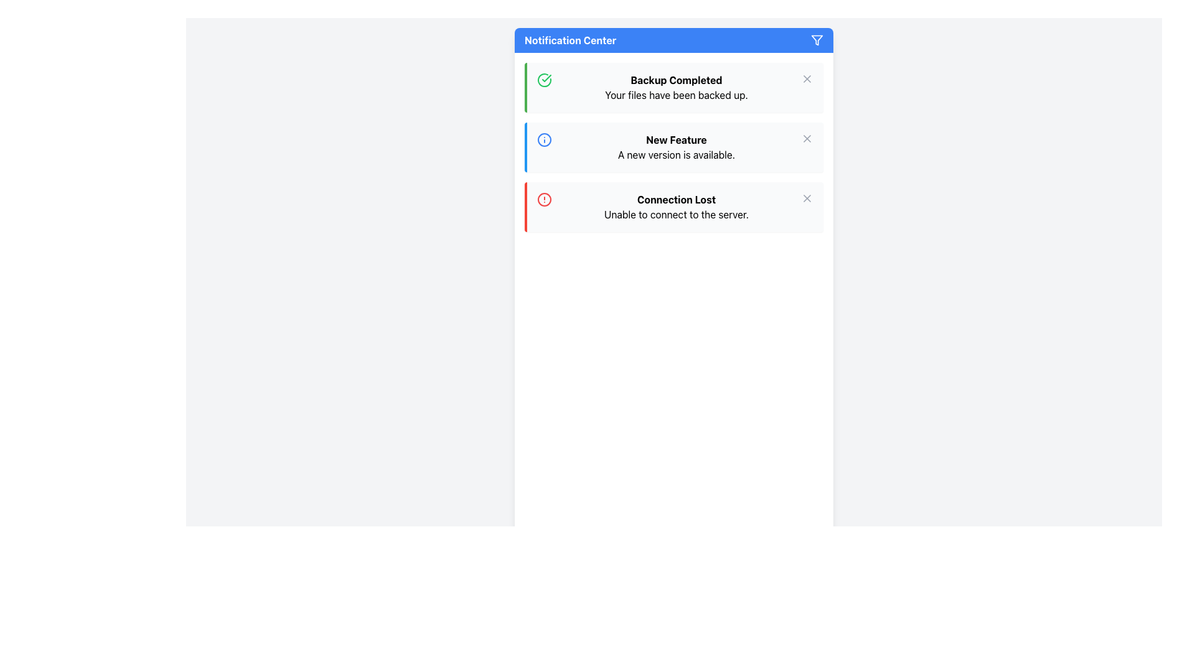 The width and height of the screenshot is (1195, 672). I want to click on informational text located below the notification title 'New Feature' in the notification panel, so click(675, 154).